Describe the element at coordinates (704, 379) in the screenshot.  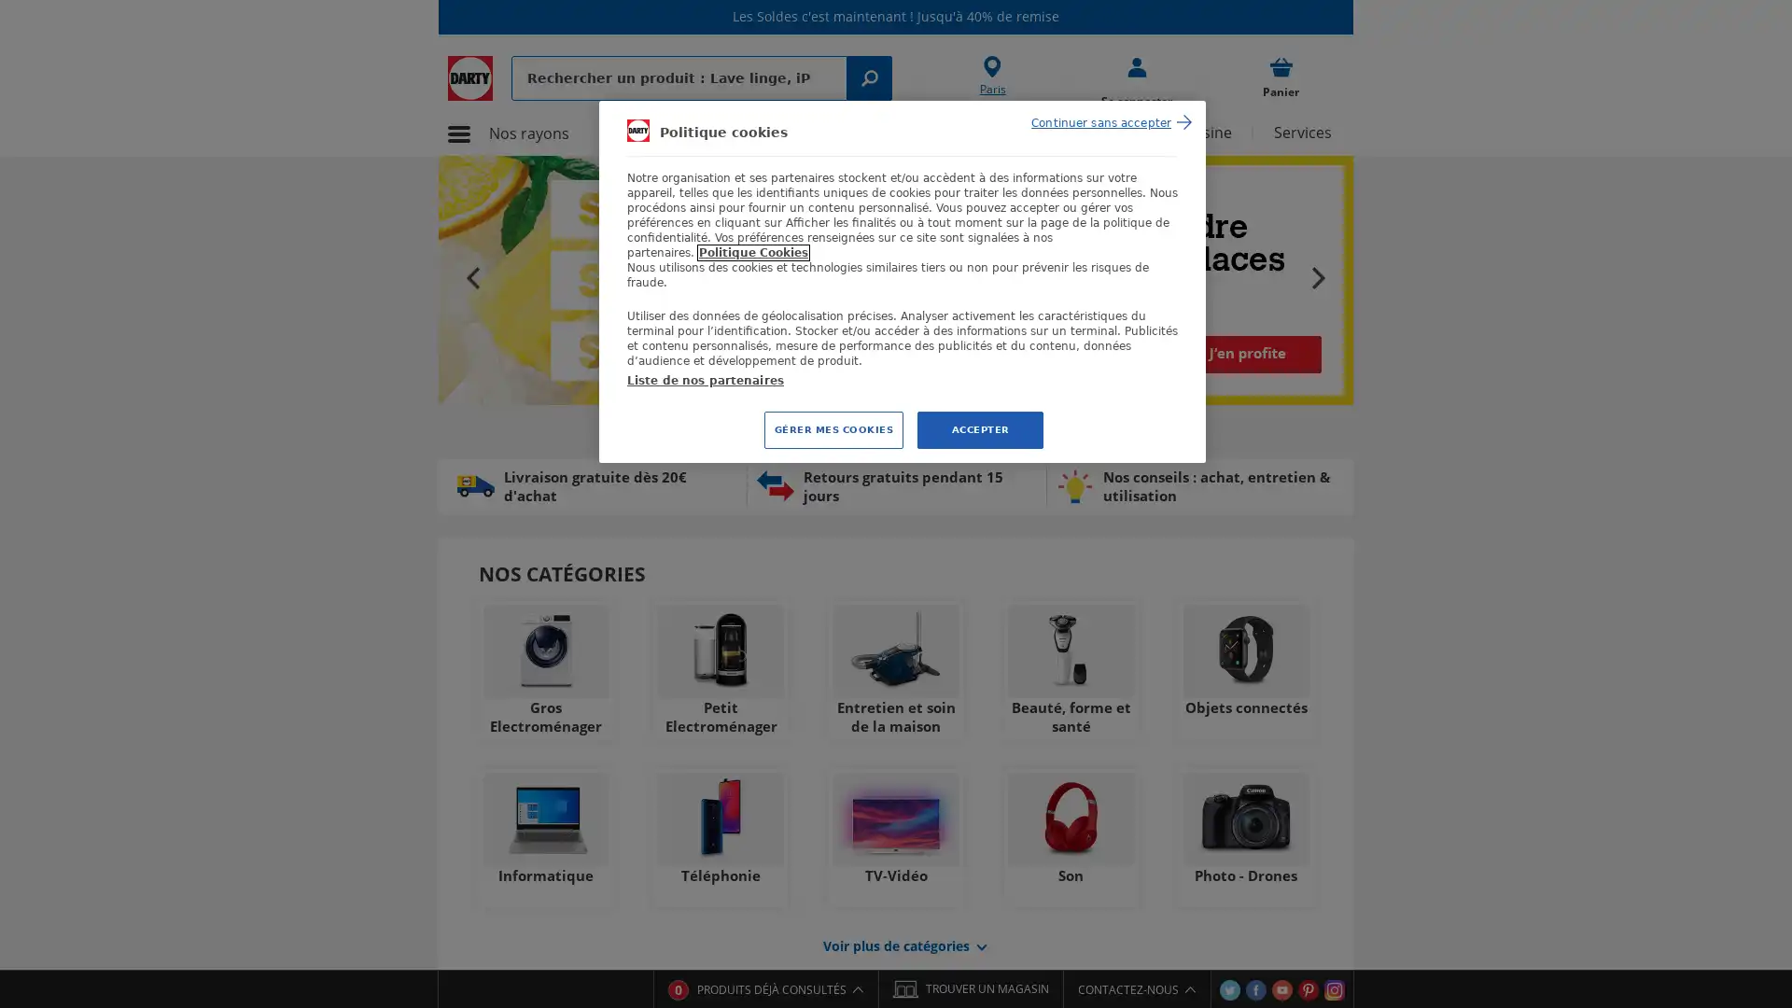
I see `Liste de nos partenaires` at that location.